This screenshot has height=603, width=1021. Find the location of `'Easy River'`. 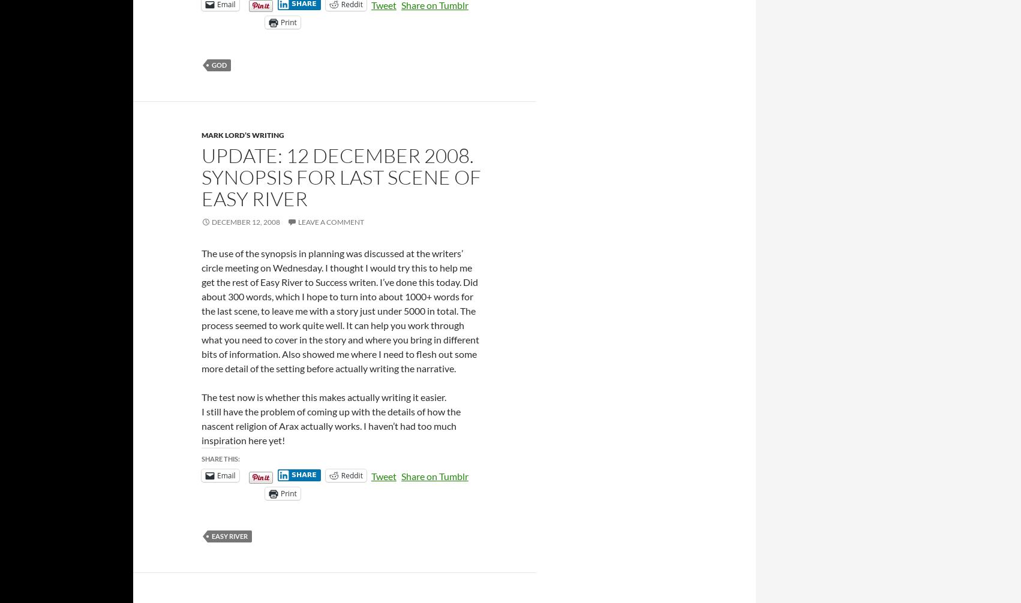

'Easy River' is located at coordinates (229, 535).